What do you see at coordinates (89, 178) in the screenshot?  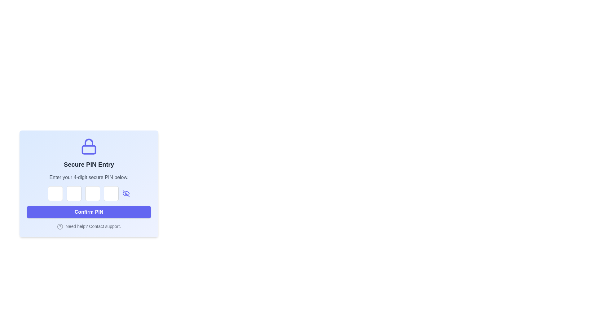 I see `the static text that provides guidance for entering a secure 4-digit PIN, located beneath the 'Secure PIN Entry' header and above the PIN input fields` at bounding box center [89, 178].